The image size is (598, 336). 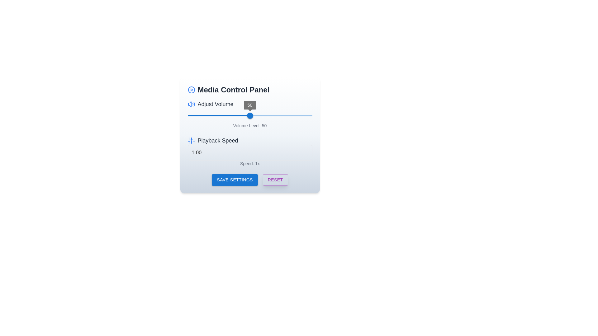 What do you see at coordinates (188, 115) in the screenshot?
I see `volume` at bounding box center [188, 115].